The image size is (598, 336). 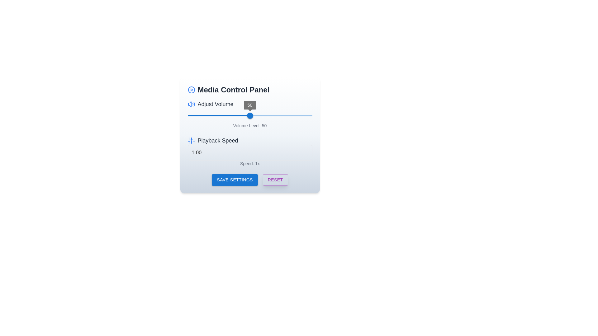 What do you see at coordinates (188, 115) in the screenshot?
I see `volume` at bounding box center [188, 115].